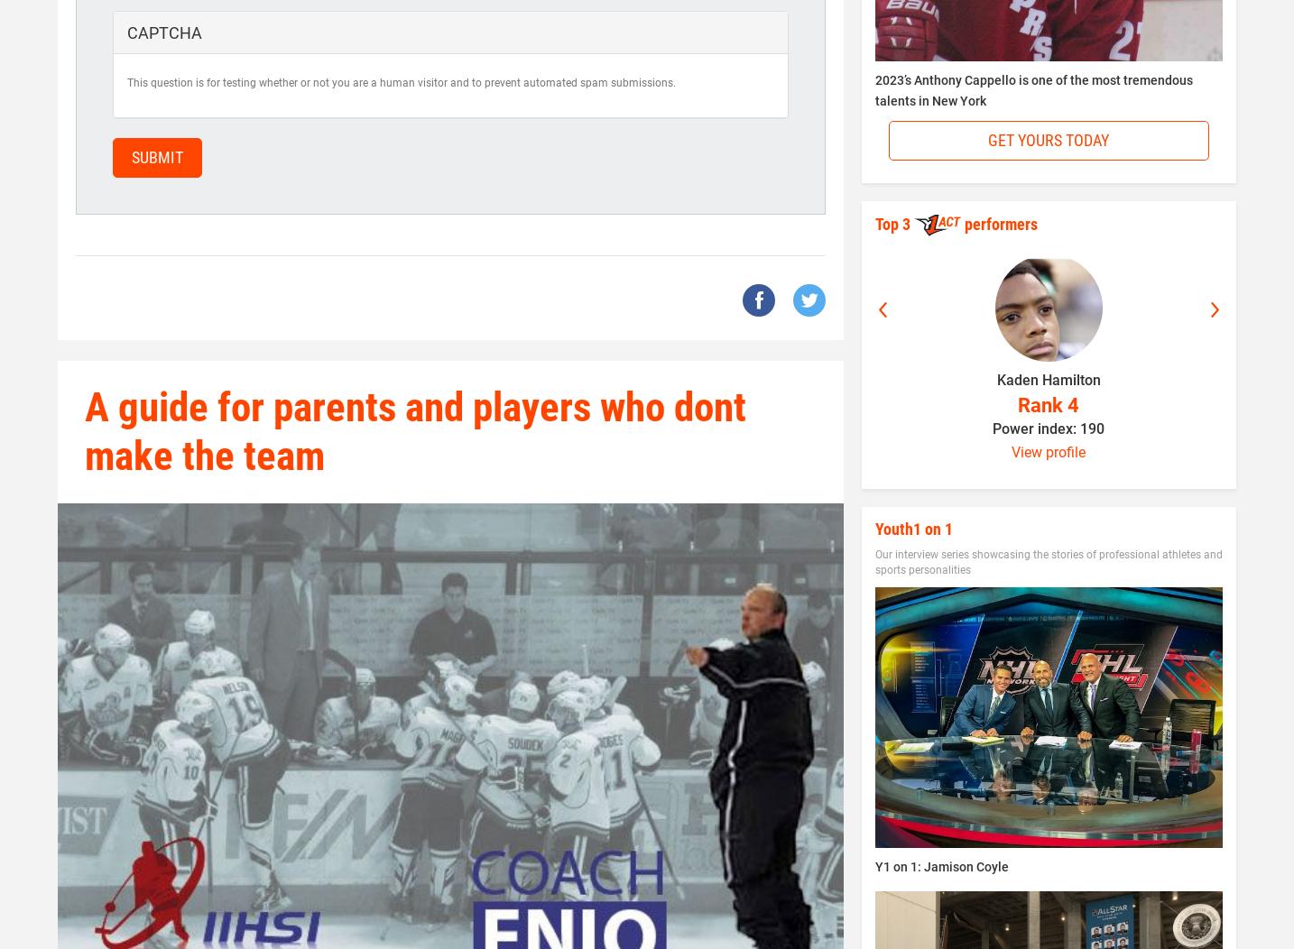 This screenshot has height=949, width=1294. What do you see at coordinates (911, 527) in the screenshot?
I see `'Youth1 on 1'` at bounding box center [911, 527].